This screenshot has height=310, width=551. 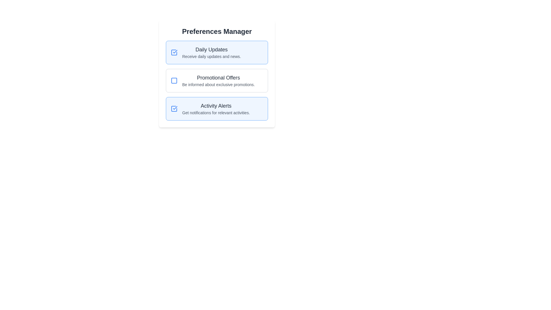 What do you see at coordinates (175, 108) in the screenshot?
I see `the checkmark icon with blue strokes located in the 'Activity Alerts' row of the 'Preferences Manager' section` at bounding box center [175, 108].